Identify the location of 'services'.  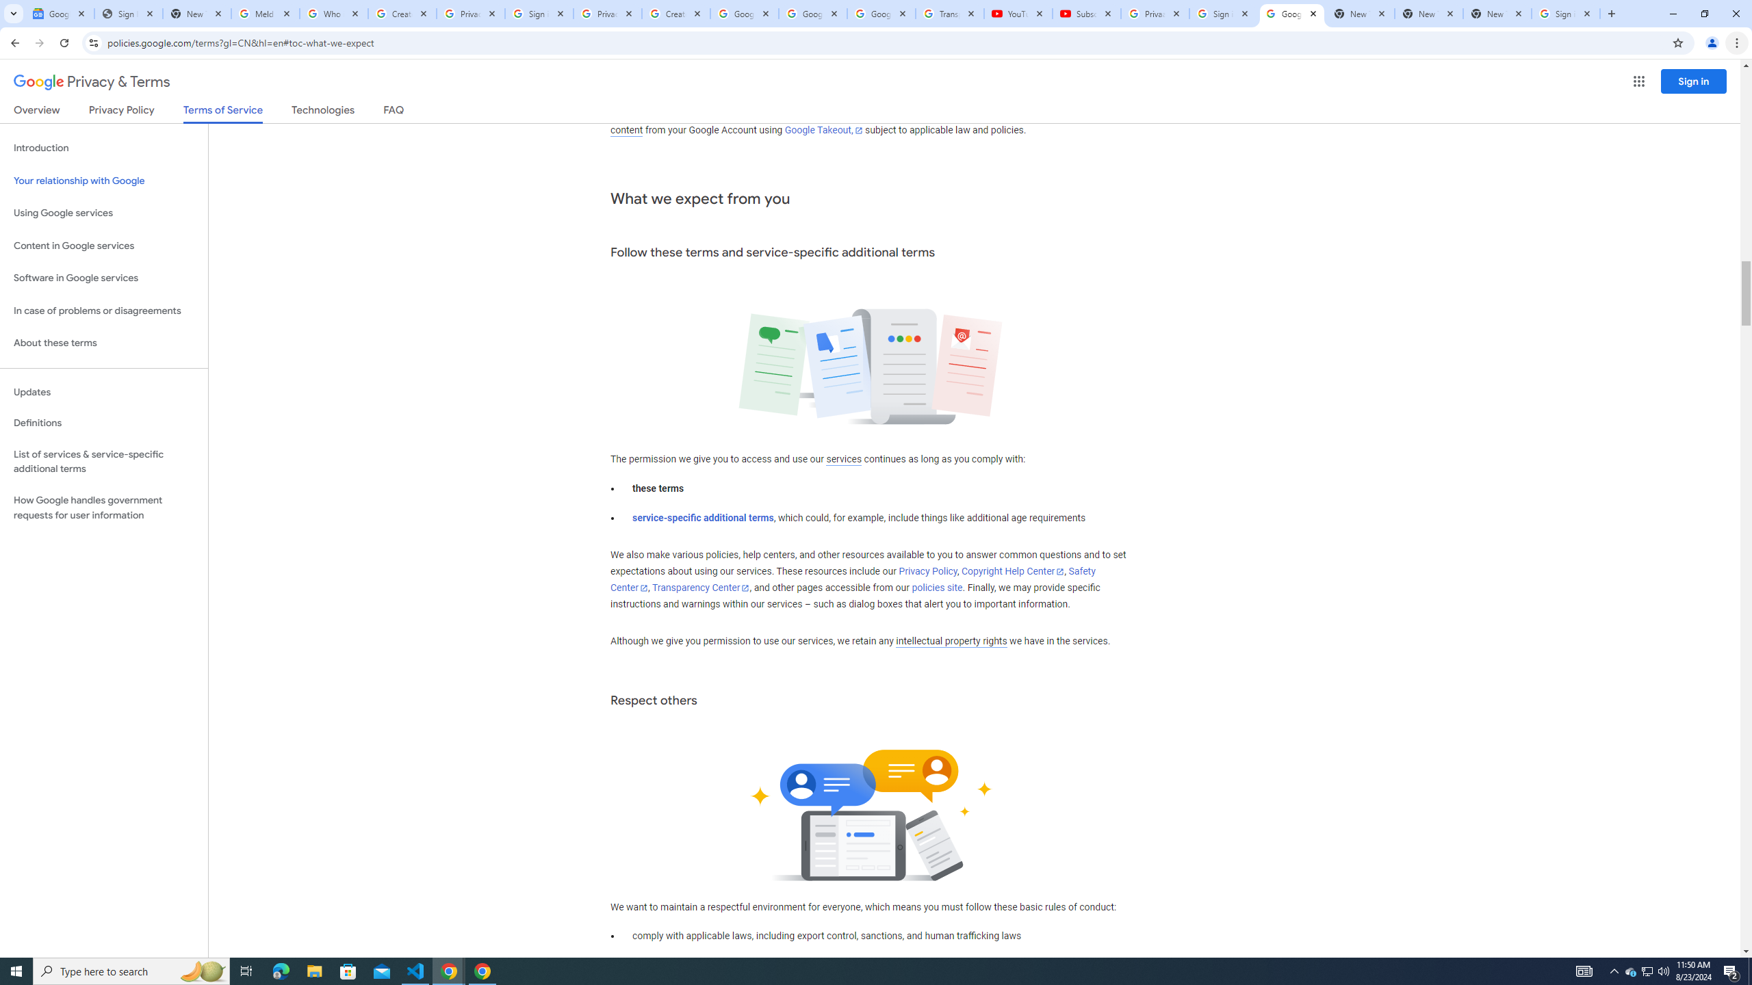
(842, 458).